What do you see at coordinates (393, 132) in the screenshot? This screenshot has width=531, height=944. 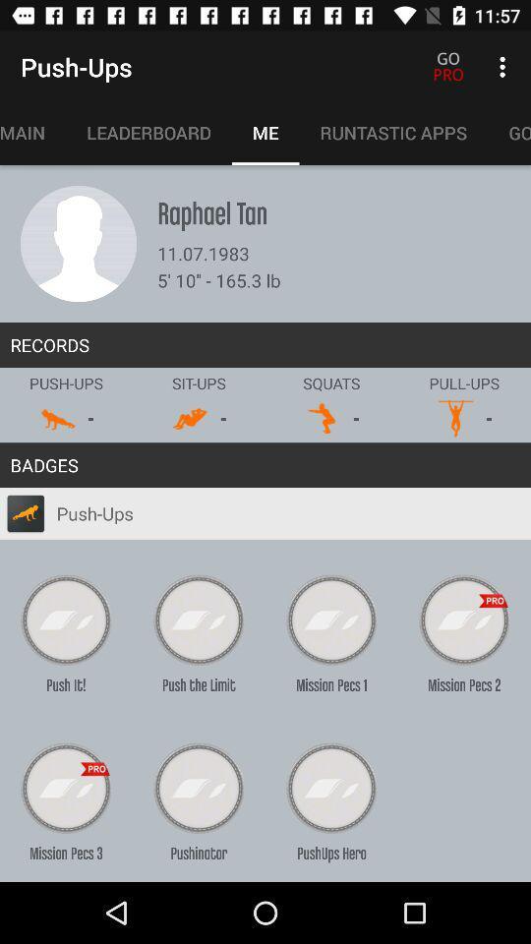 I see `icon to the left of go pro! icon` at bounding box center [393, 132].